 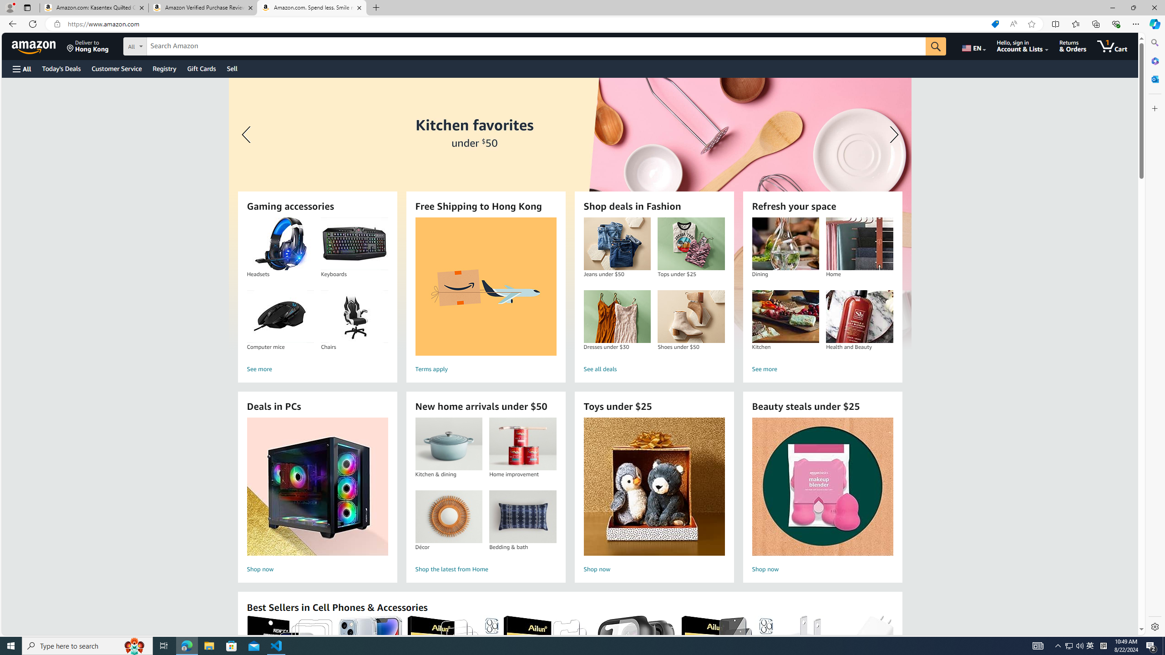 What do you see at coordinates (522, 516) in the screenshot?
I see `'Bedding & bath'` at bounding box center [522, 516].